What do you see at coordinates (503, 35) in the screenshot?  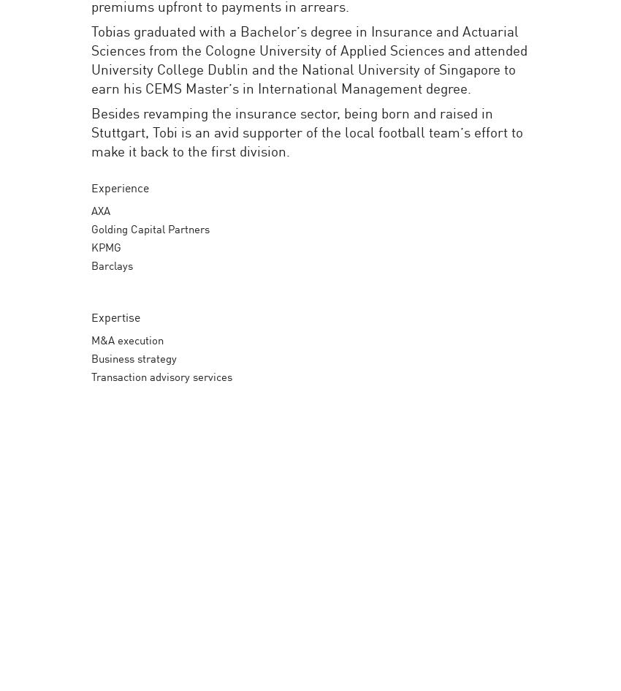 I see `'careers'` at bounding box center [503, 35].